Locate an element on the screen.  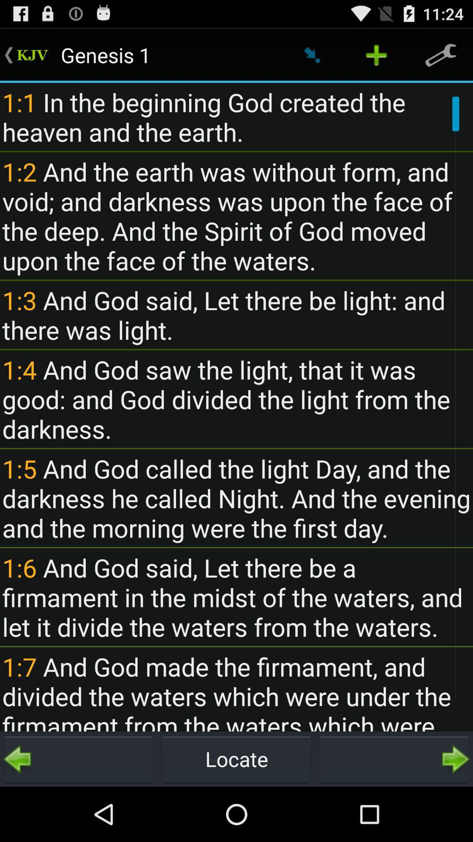
app above 1 1 in is located at coordinates (441, 54).